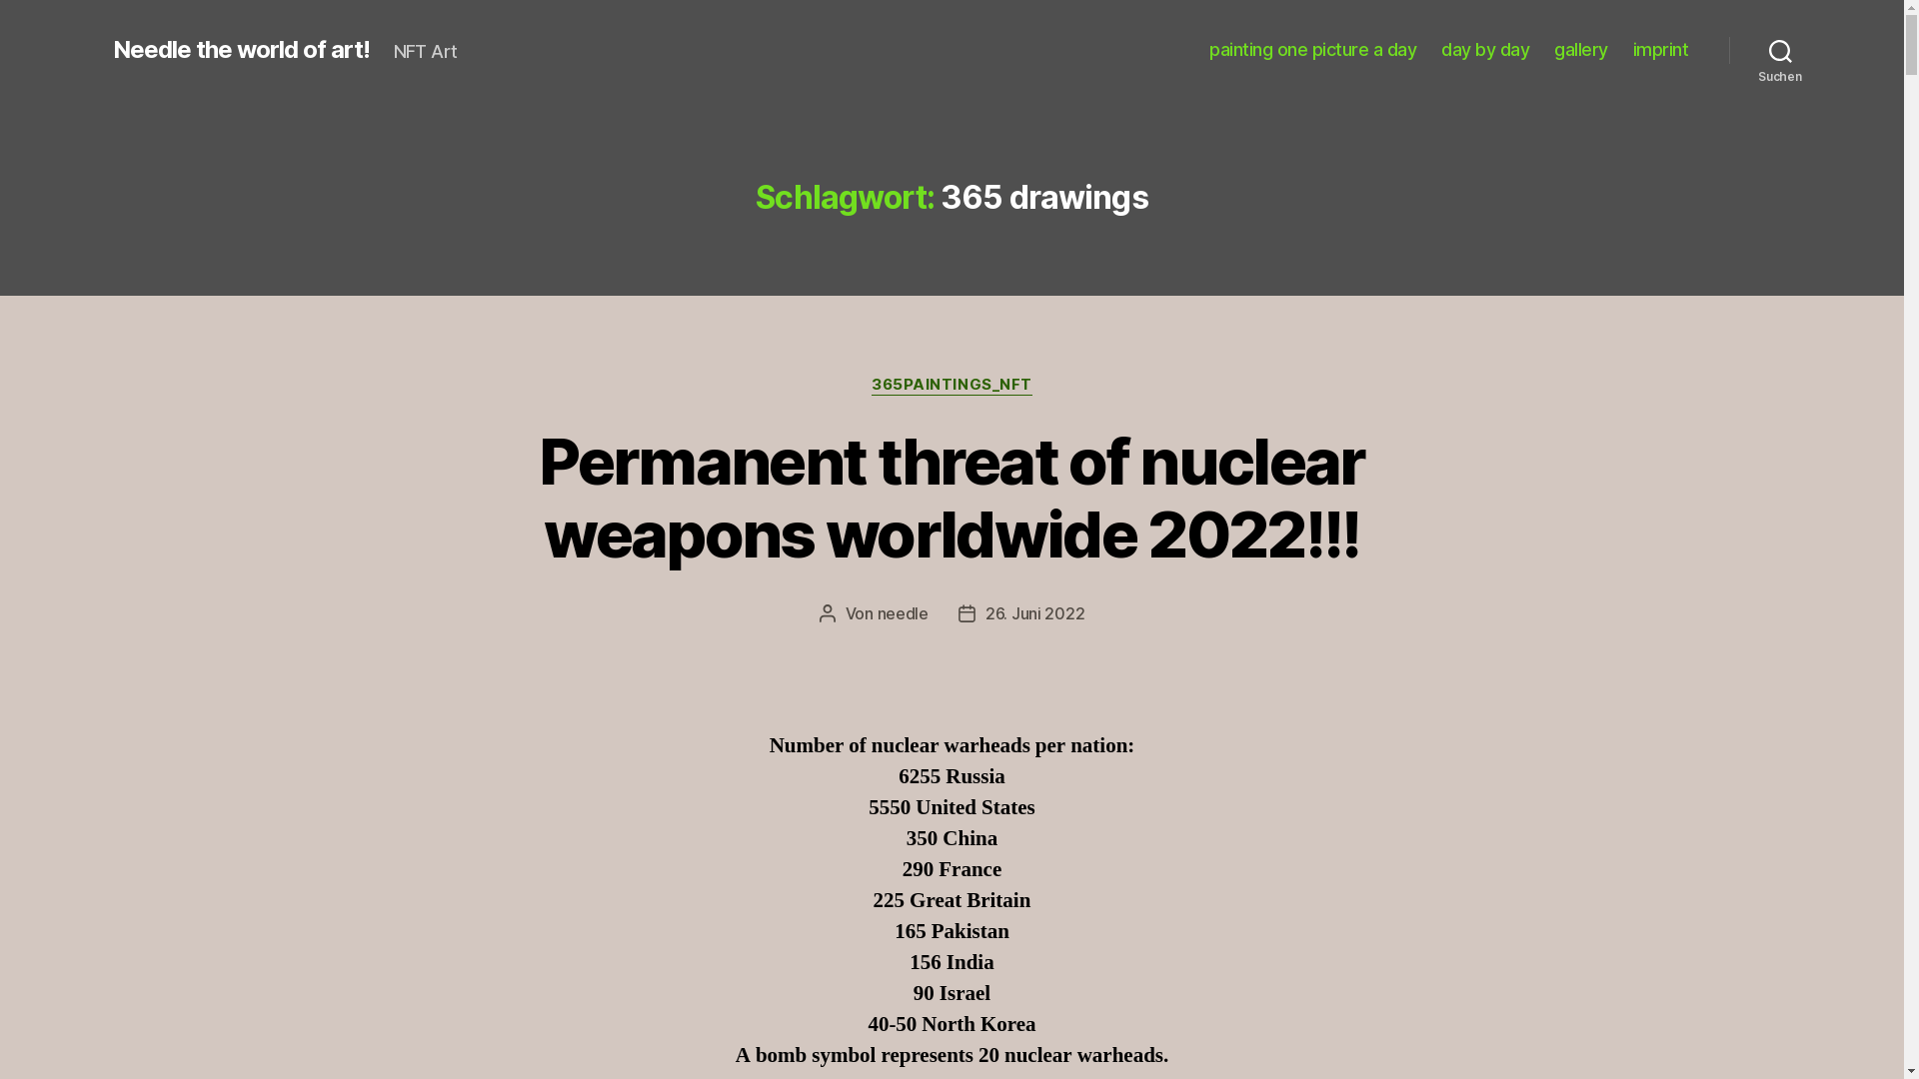  I want to click on 'needle', so click(878, 611).